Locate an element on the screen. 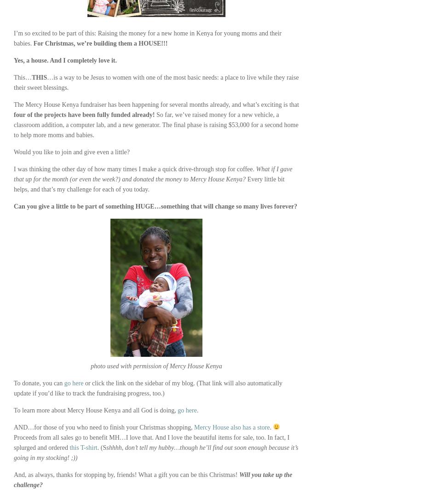 The image size is (444, 494). 'For Christmas, we’re building them a HOUSE!!!' is located at coordinates (100, 43).